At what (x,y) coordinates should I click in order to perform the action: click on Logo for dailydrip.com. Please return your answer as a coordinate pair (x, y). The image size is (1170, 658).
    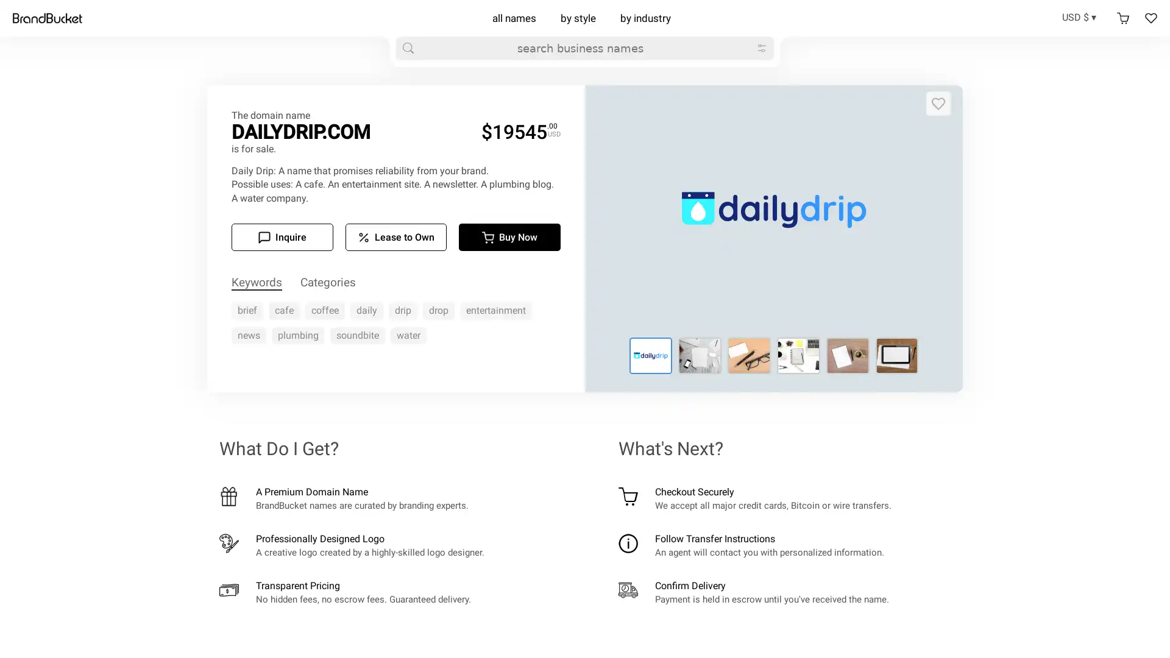
    Looking at the image, I should click on (748, 355).